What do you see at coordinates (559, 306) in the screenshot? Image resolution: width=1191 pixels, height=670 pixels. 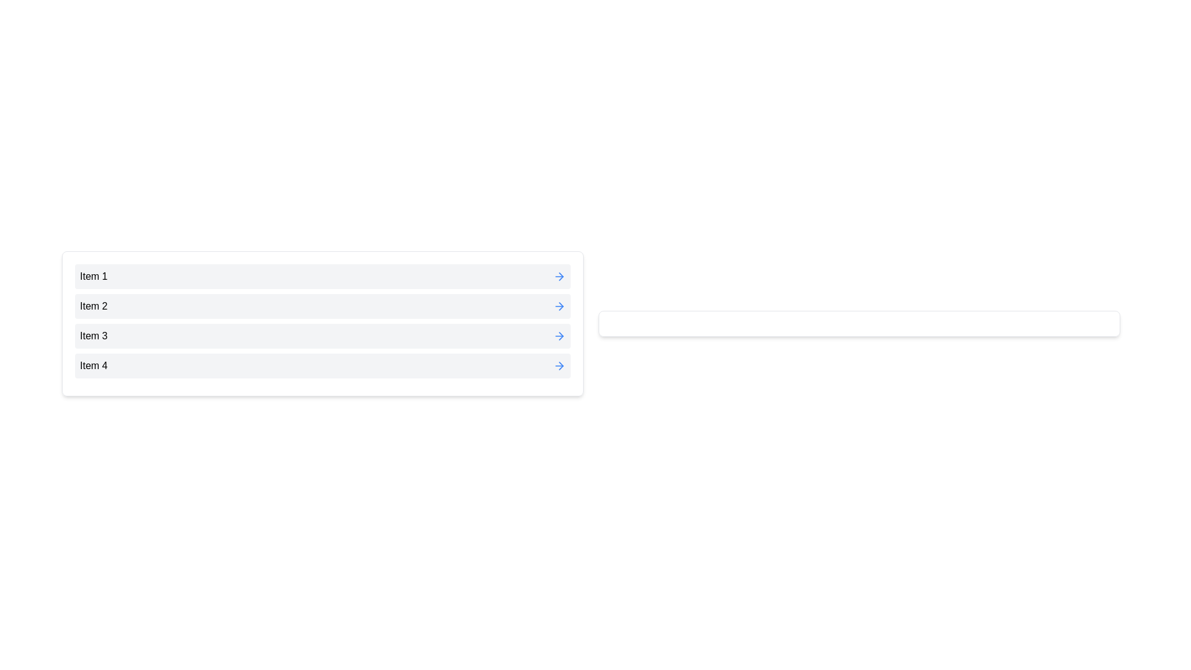 I see `the blue arrow button next to Item 2 to move it to the right list` at bounding box center [559, 306].